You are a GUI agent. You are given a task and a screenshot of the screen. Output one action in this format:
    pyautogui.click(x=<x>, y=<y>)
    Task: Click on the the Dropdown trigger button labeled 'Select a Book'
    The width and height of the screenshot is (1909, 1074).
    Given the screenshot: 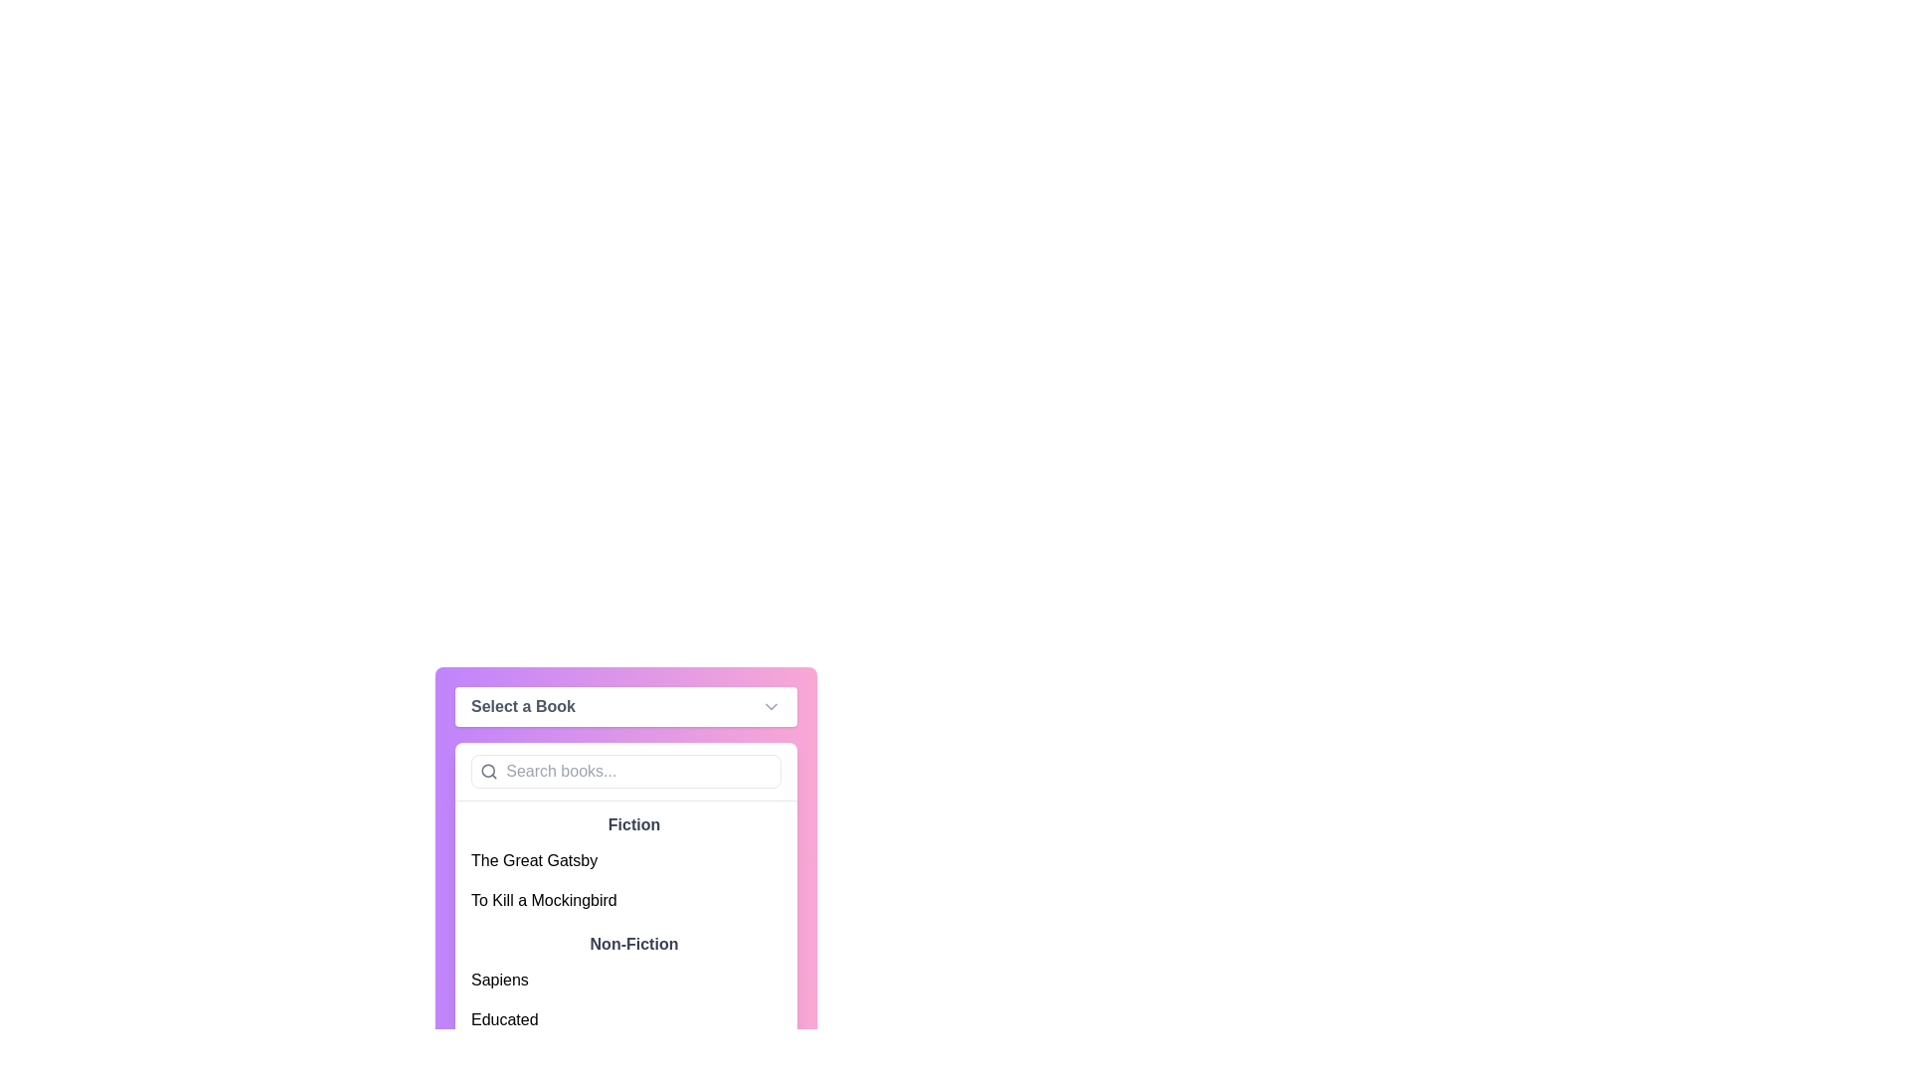 What is the action you would take?
    pyautogui.click(x=624, y=705)
    